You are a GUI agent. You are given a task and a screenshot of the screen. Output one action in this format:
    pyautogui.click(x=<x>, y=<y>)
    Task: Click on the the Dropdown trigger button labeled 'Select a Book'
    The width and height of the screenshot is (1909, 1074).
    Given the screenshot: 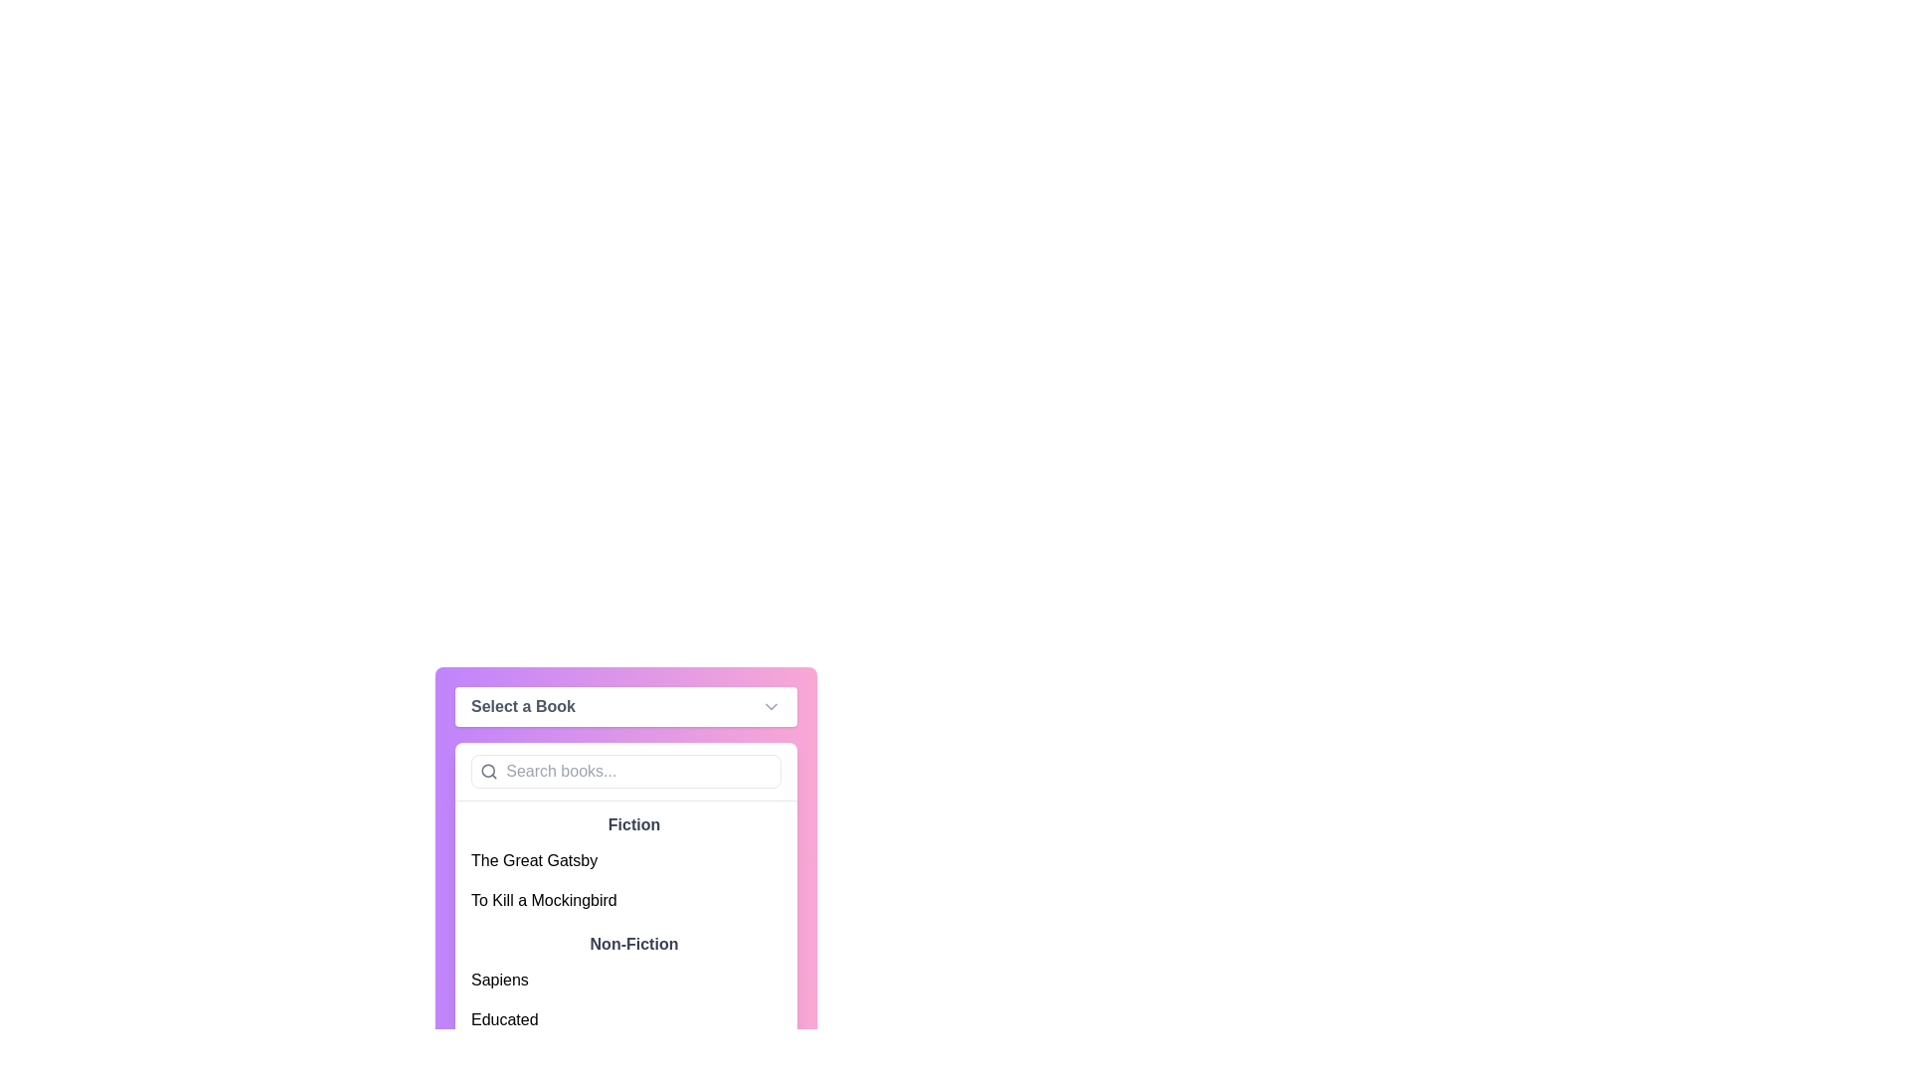 What is the action you would take?
    pyautogui.click(x=624, y=705)
    